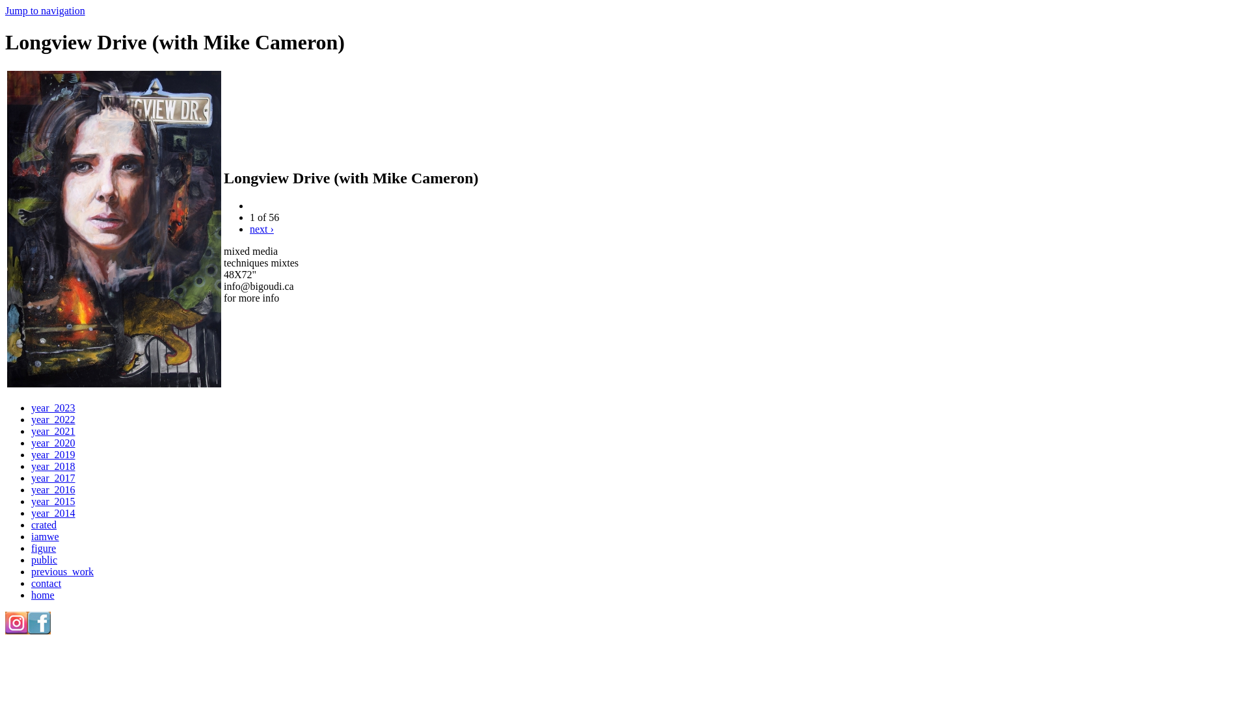  What do you see at coordinates (52, 489) in the screenshot?
I see `'year_2016'` at bounding box center [52, 489].